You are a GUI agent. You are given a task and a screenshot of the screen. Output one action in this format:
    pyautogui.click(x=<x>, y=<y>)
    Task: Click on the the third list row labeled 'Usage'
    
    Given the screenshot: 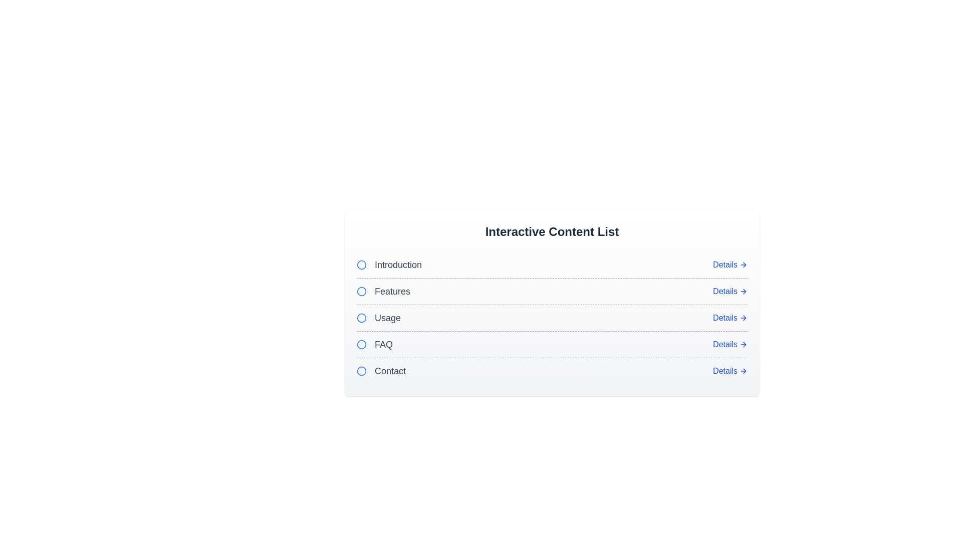 What is the action you would take?
    pyautogui.click(x=552, y=318)
    